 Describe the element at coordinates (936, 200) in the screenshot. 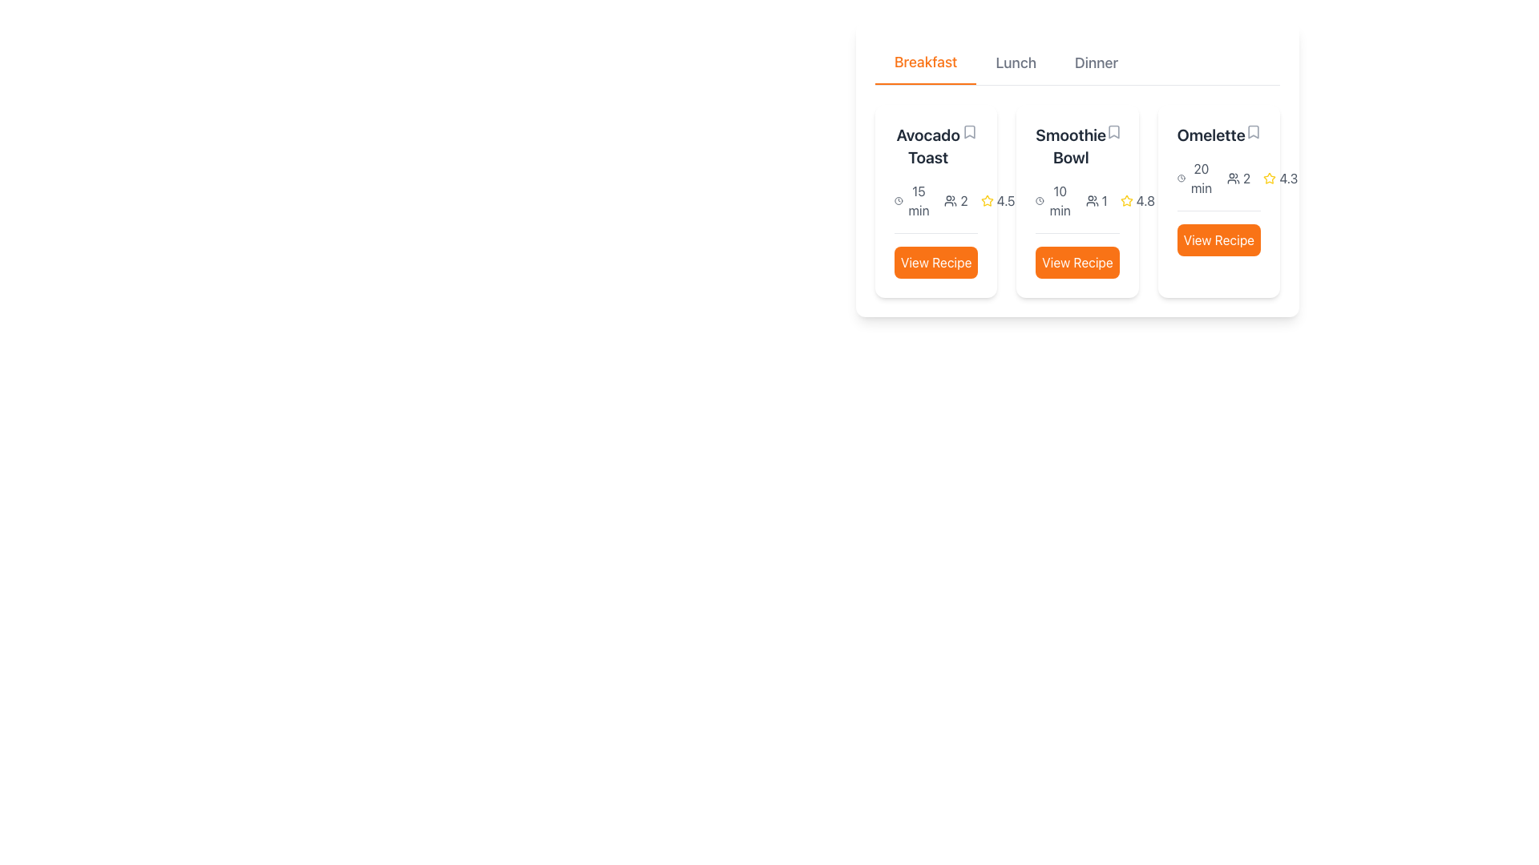

I see `the card displaying 'Avocado Toast' with a white background and 'View Recipe' button at the bottom` at that location.